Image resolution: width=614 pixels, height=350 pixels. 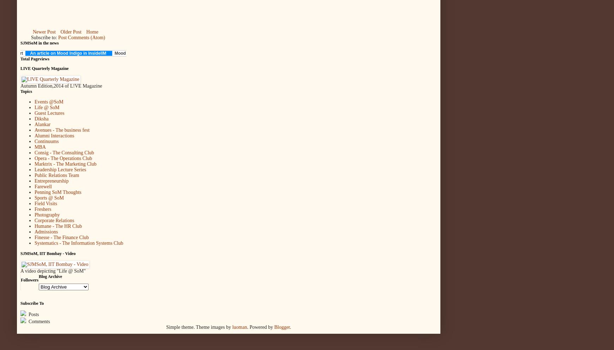 I want to click on 'Humane - The HR Club', so click(x=58, y=226).